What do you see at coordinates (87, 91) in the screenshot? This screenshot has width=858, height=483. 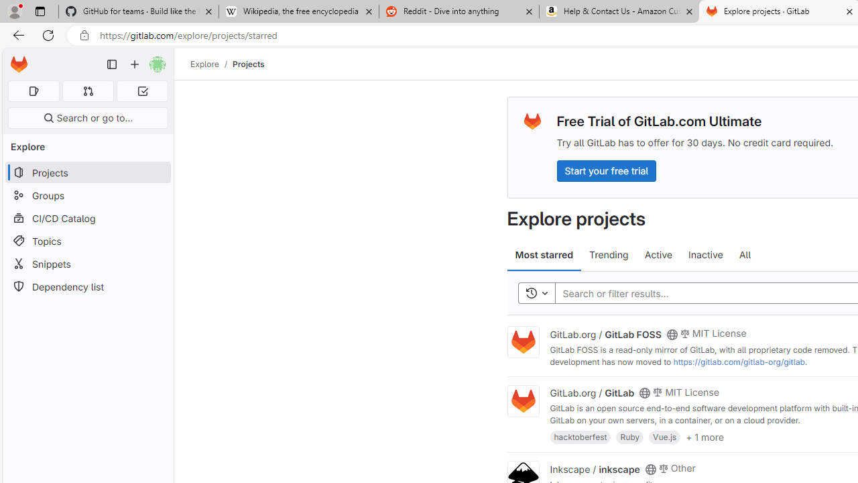 I see `'Merge requests 0'` at bounding box center [87, 91].